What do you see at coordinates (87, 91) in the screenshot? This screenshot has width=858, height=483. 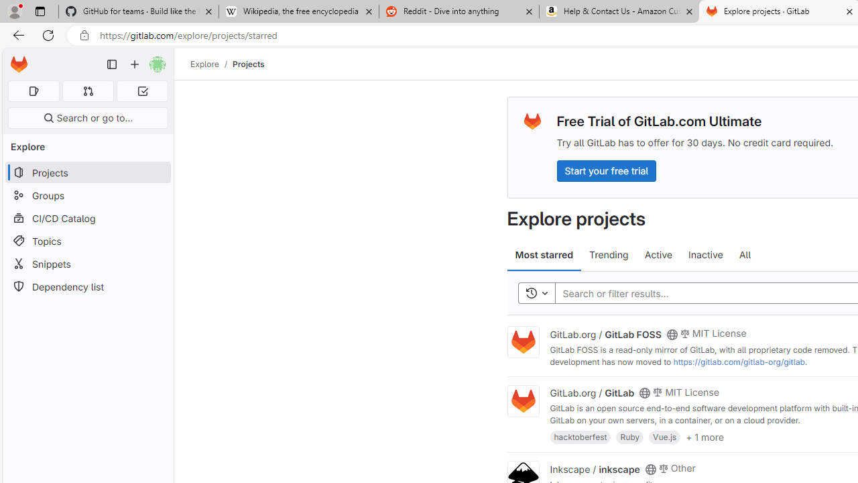 I see `'Merge requests 0'` at bounding box center [87, 91].